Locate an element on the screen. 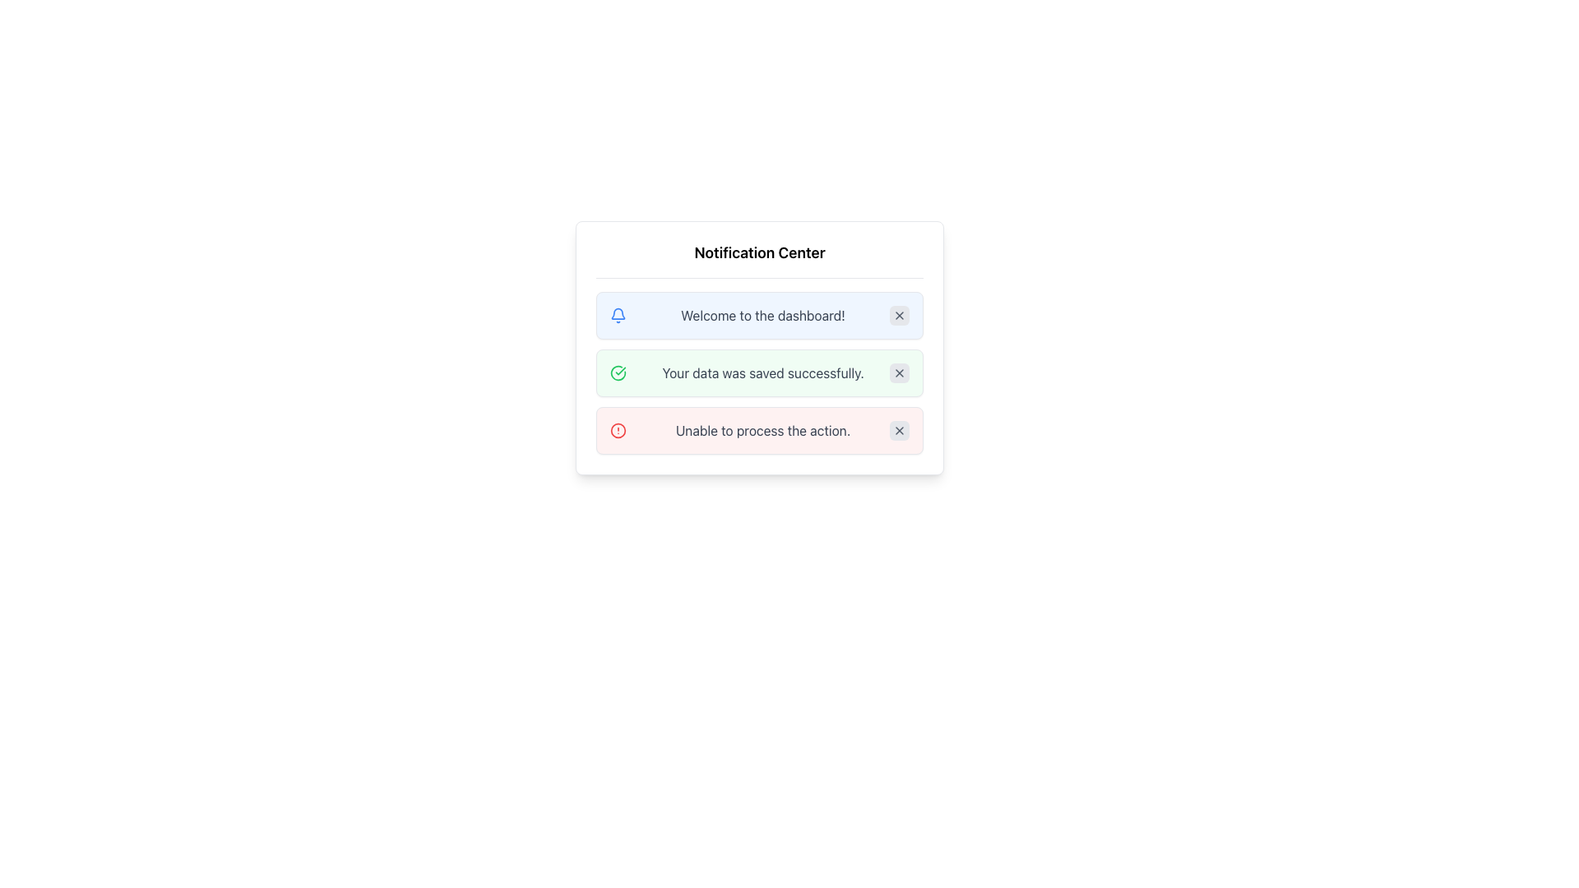 Image resolution: width=1579 pixels, height=888 pixels. the gray circular button with a minimalist cross icon is located at coordinates (899, 373).